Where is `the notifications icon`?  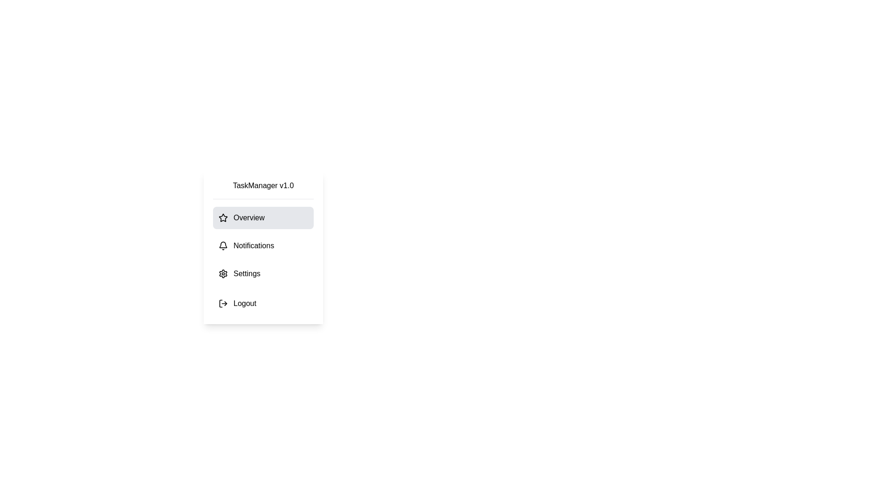
the notifications icon is located at coordinates (223, 245).